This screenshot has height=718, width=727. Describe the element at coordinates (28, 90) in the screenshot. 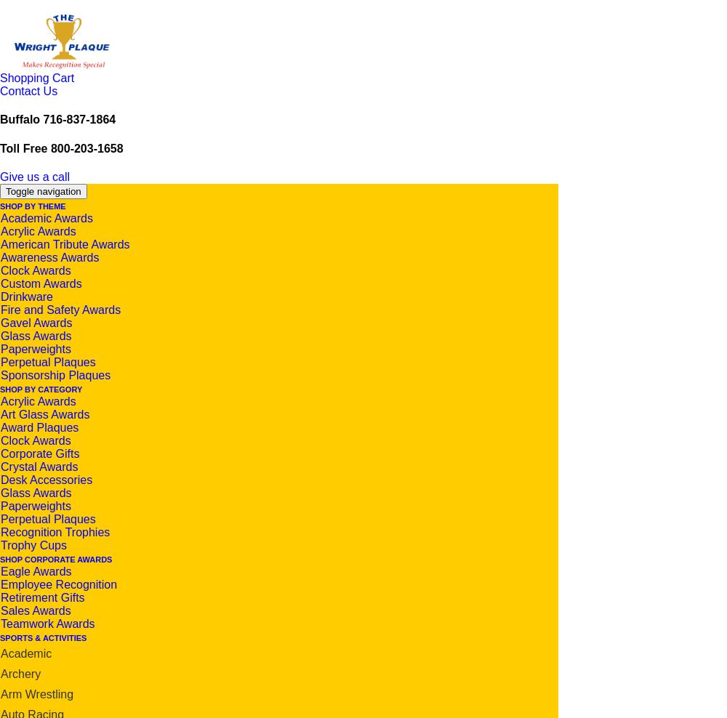

I see `'Contact Us'` at that location.